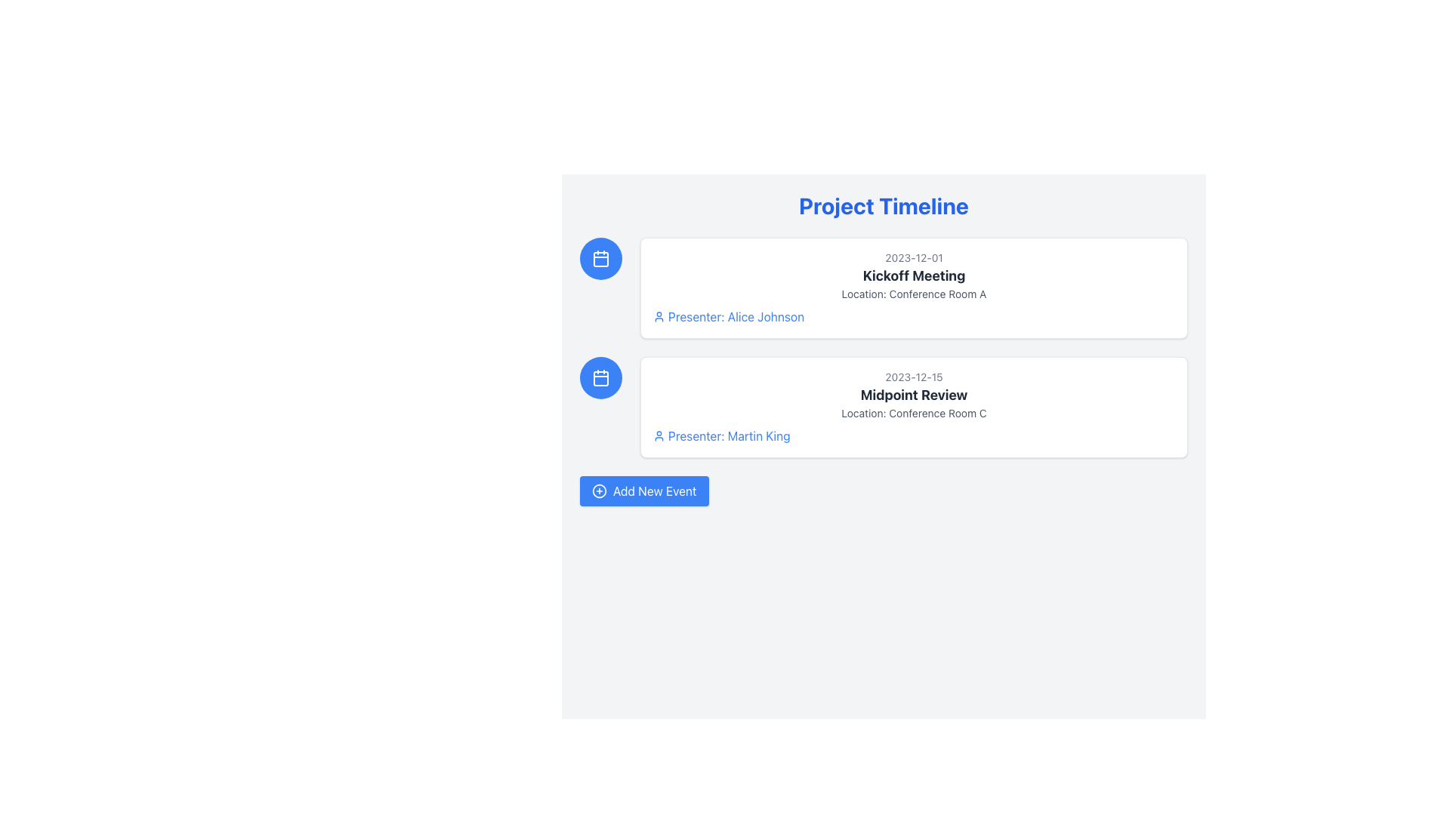  I want to click on the user icon located to the left of the 'Presenter: Martin King' text in the second event card for the 'Midpoint Review' event, so click(659, 436).